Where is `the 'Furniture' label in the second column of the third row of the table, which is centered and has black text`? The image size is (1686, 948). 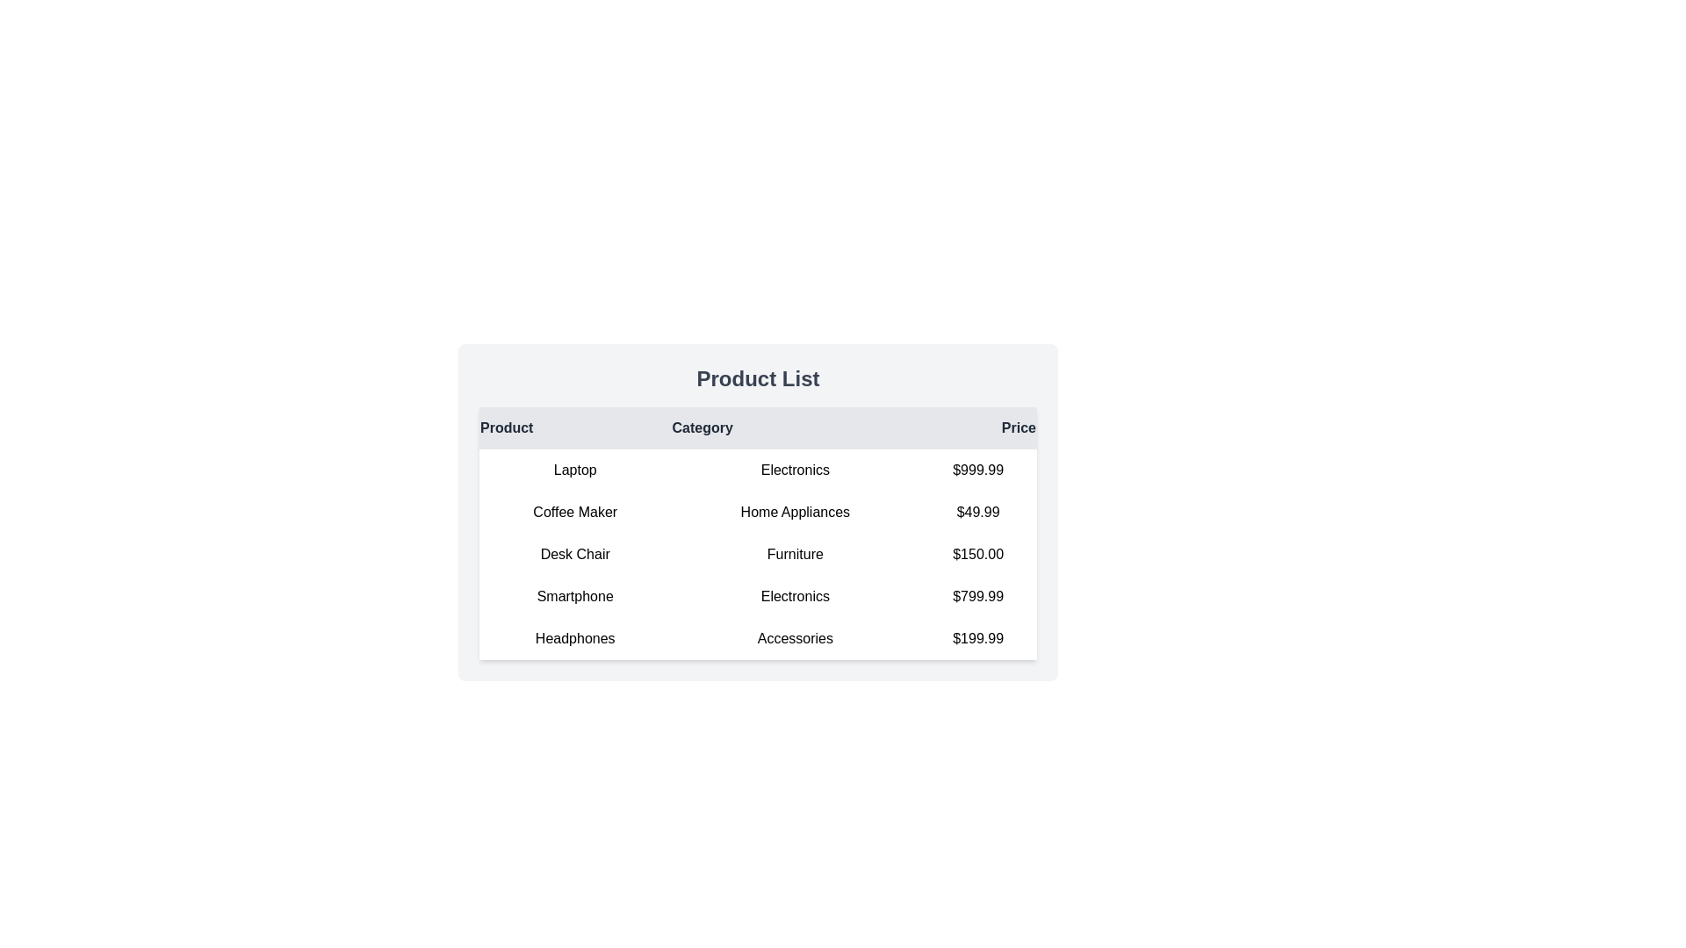
the 'Furniture' label in the second column of the third row of the table, which is centered and has black text is located at coordinates (794, 555).